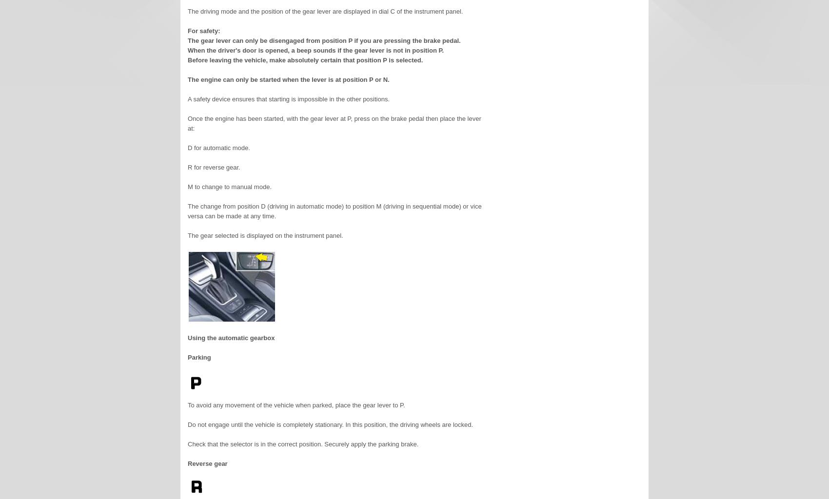 The width and height of the screenshot is (829, 499). Describe the element at coordinates (231, 338) in the screenshot. I see `'Using the automatic gearbox'` at that location.